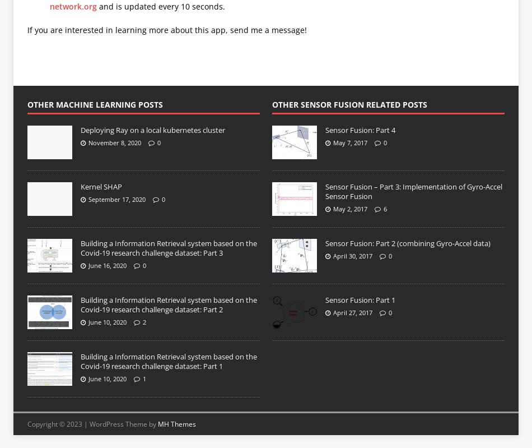 The image size is (532, 448). I want to click on 'Deploying Ray on a local kubernetes cluster', so click(151, 130).